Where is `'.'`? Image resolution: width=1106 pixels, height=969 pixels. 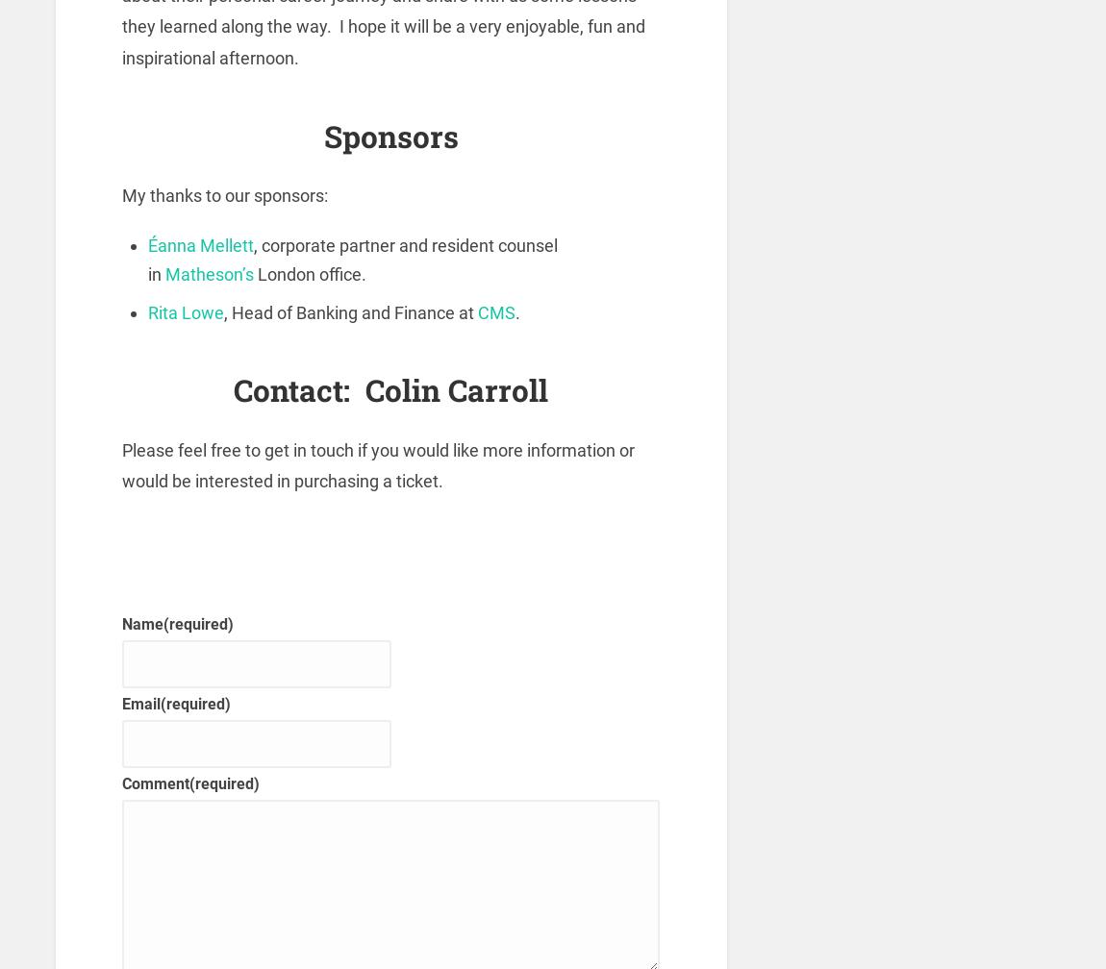 '.' is located at coordinates (517, 311).